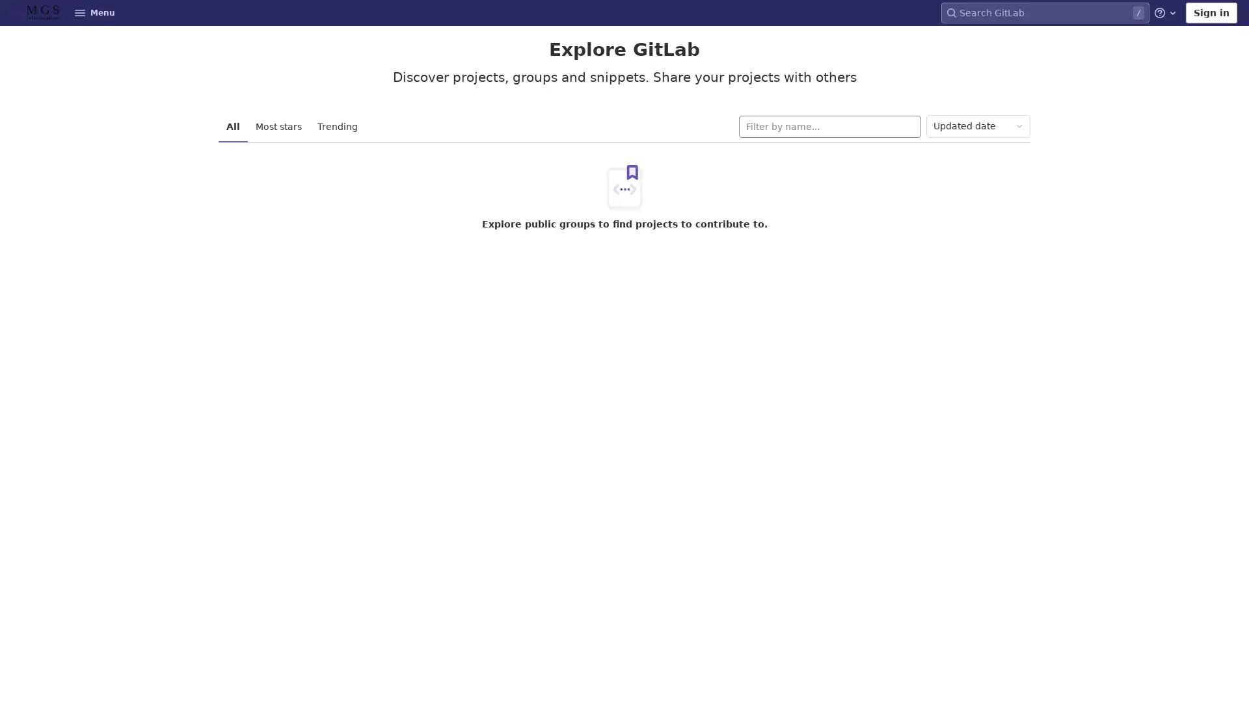  I want to click on Updated date, so click(978, 126).